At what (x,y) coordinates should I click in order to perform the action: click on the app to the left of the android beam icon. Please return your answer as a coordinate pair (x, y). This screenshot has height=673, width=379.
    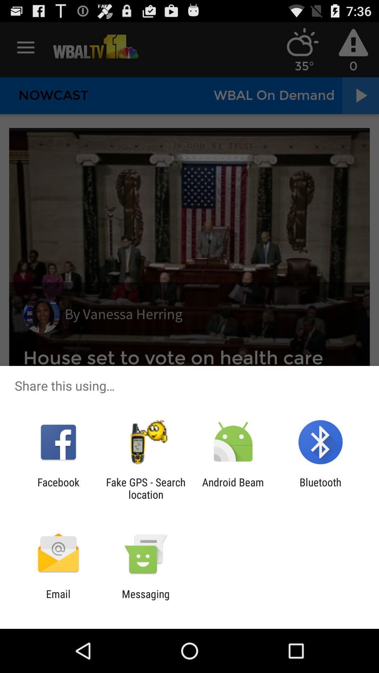
    Looking at the image, I should click on (145, 488).